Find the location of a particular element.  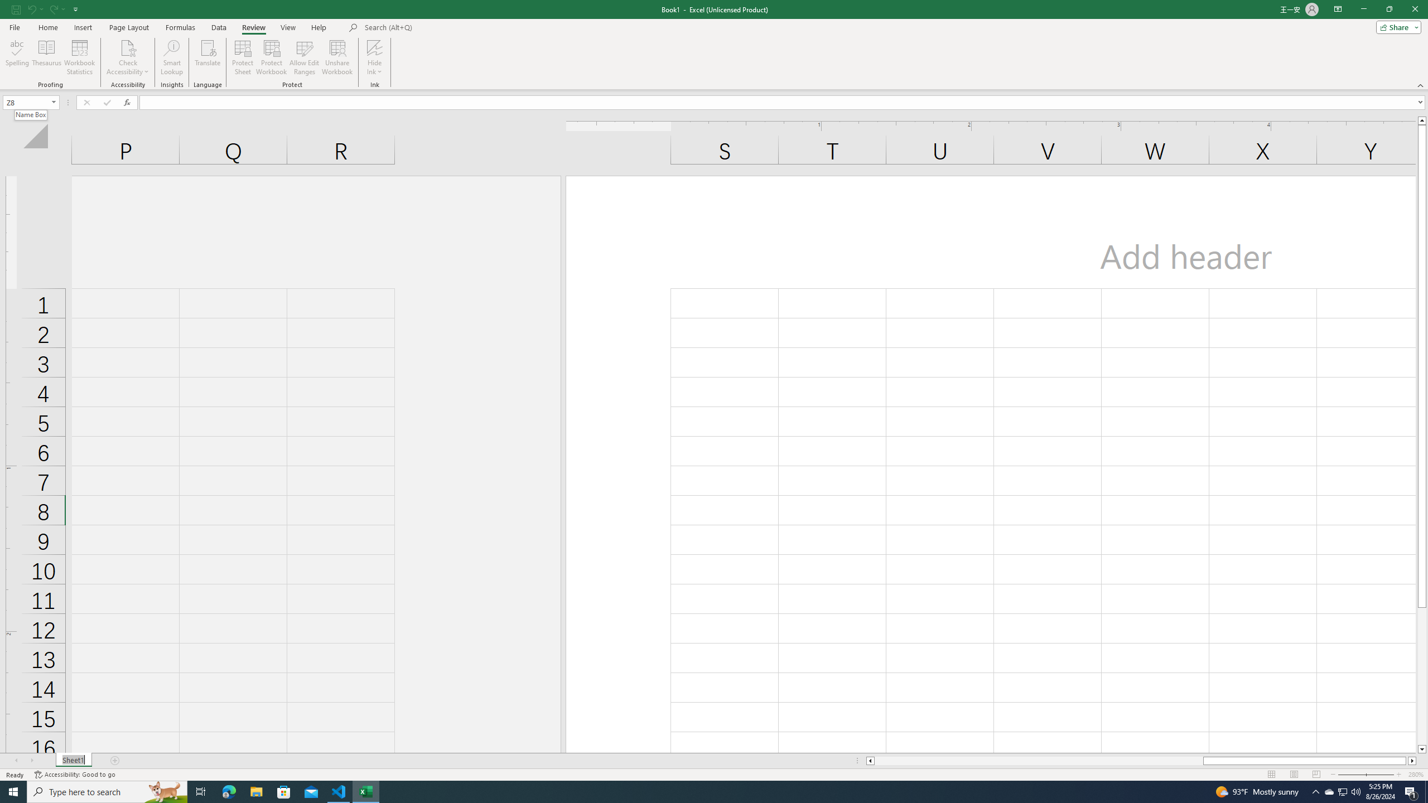

'Translate' is located at coordinates (207, 57).